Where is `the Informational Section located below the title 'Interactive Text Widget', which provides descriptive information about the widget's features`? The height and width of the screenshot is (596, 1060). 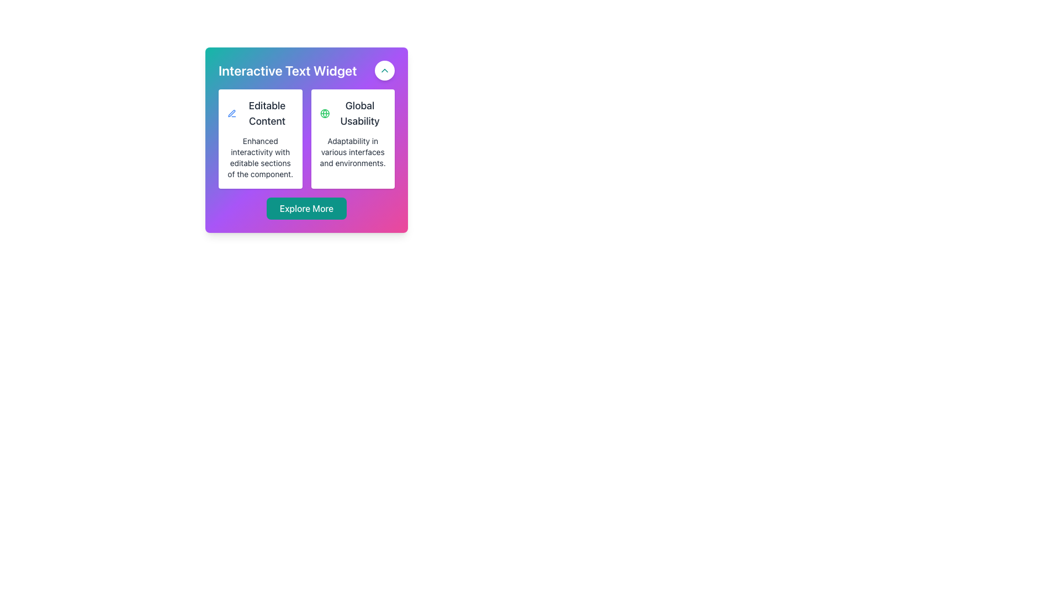
the Informational Section located below the title 'Interactive Text Widget', which provides descriptive information about the widget's features is located at coordinates (306, 140).